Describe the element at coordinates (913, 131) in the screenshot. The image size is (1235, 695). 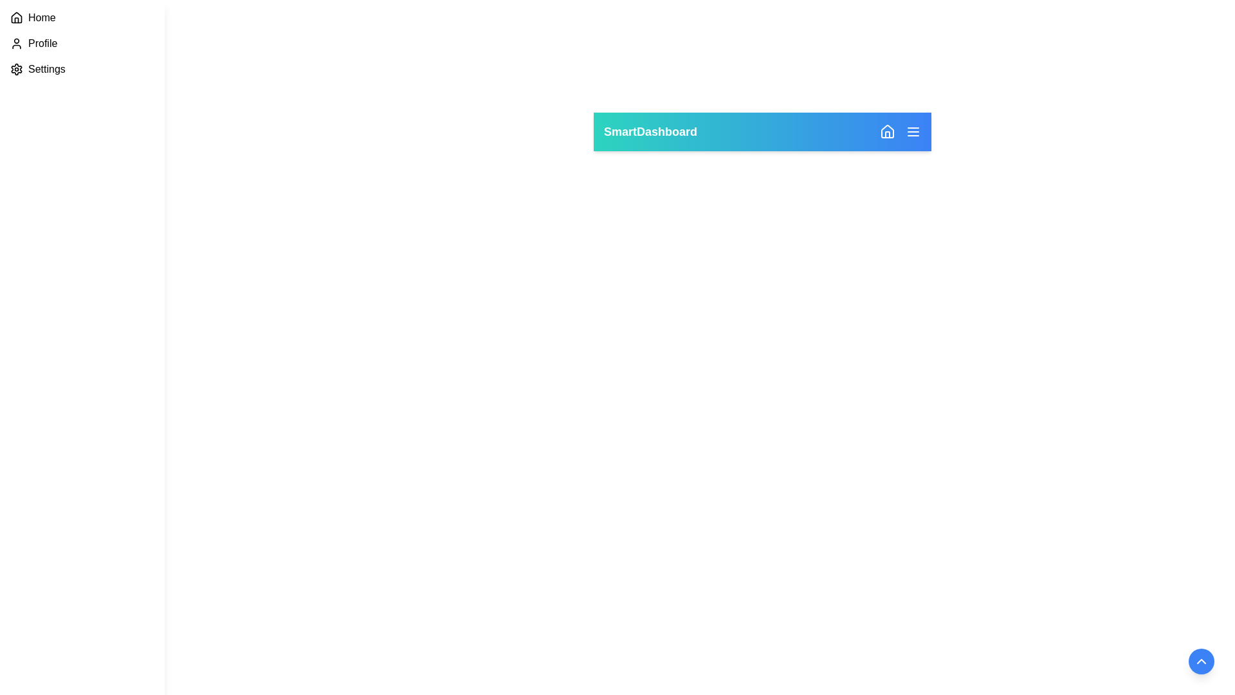
I see `the menu button icon, which is a small square with three white horizontal lines on a blue background, located on the far right of the navigation bar` at that location.